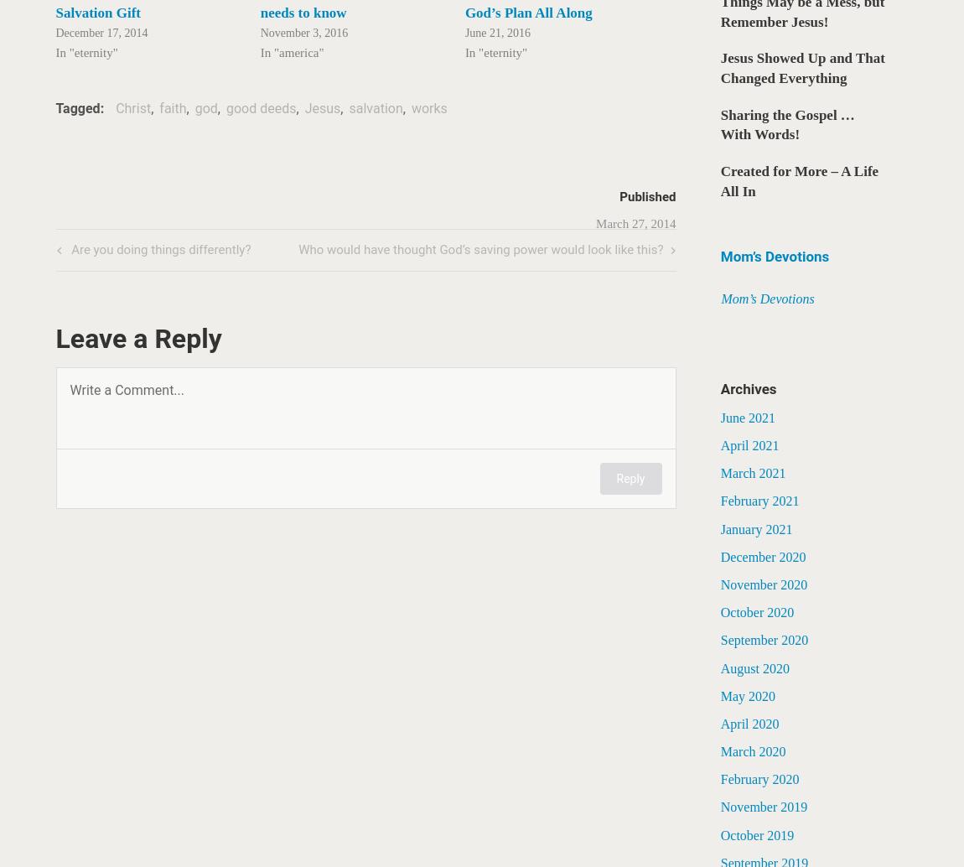 This screenshot has height=867, width=964. Describe the element at coordinates (762, 556) in the screenshot. I see `'December 2020'` at that location.